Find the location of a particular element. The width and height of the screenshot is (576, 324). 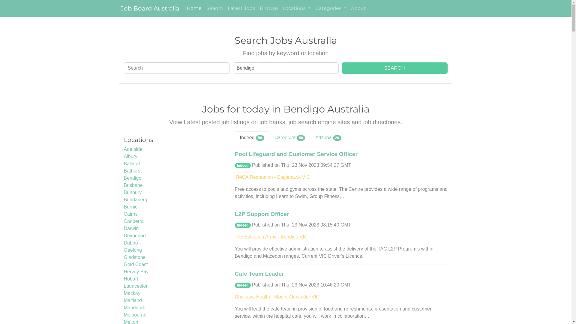

'Locations' is located at coordinates (296, 8).